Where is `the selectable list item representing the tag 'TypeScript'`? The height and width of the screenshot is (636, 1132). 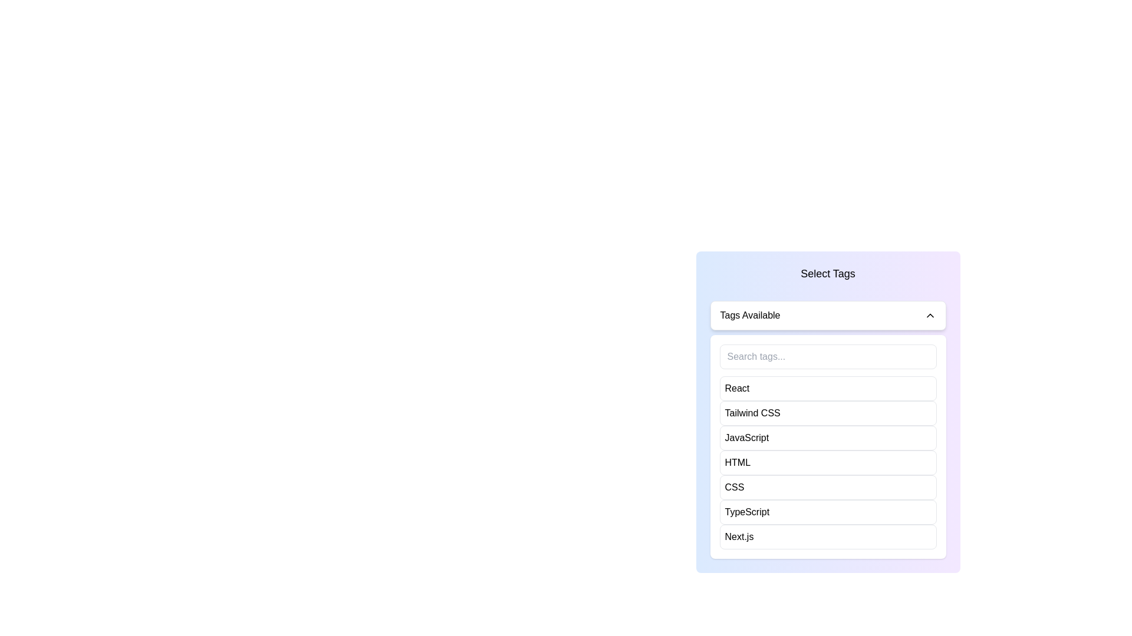
the selectable list item representing the tag 'TypeScript' is located at coordinates (827, 512).